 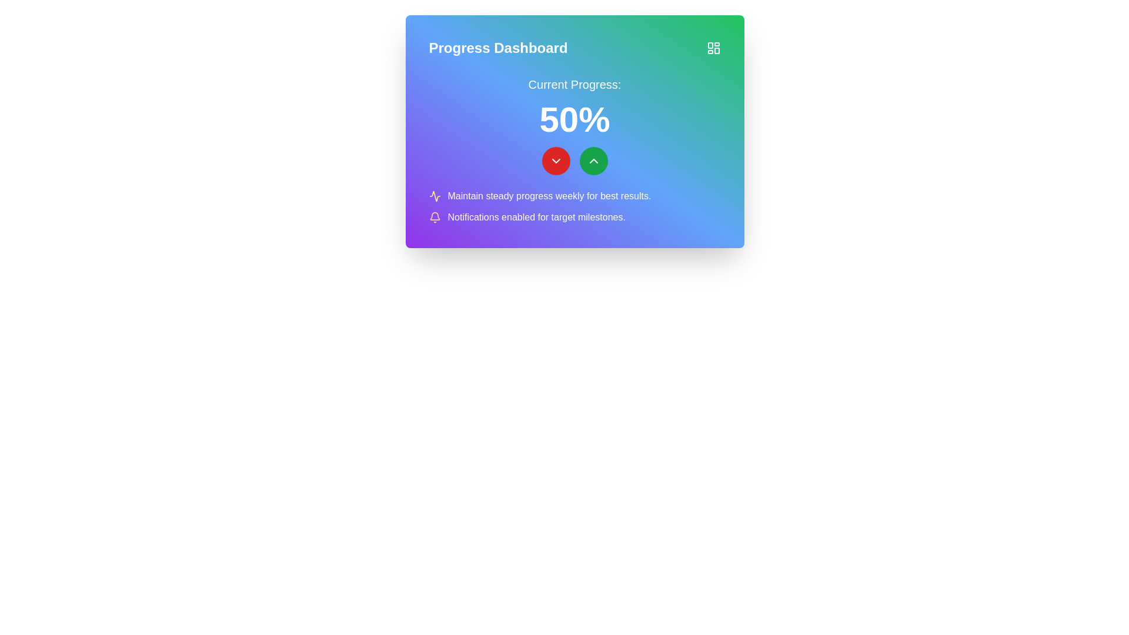 What do you see at coordinates (434, 196) in the screenshot?
I see `the activity-related status icon located to the left of the text 'Maintain steady progress weekly for best results.'` at bounding box center [434, 196].